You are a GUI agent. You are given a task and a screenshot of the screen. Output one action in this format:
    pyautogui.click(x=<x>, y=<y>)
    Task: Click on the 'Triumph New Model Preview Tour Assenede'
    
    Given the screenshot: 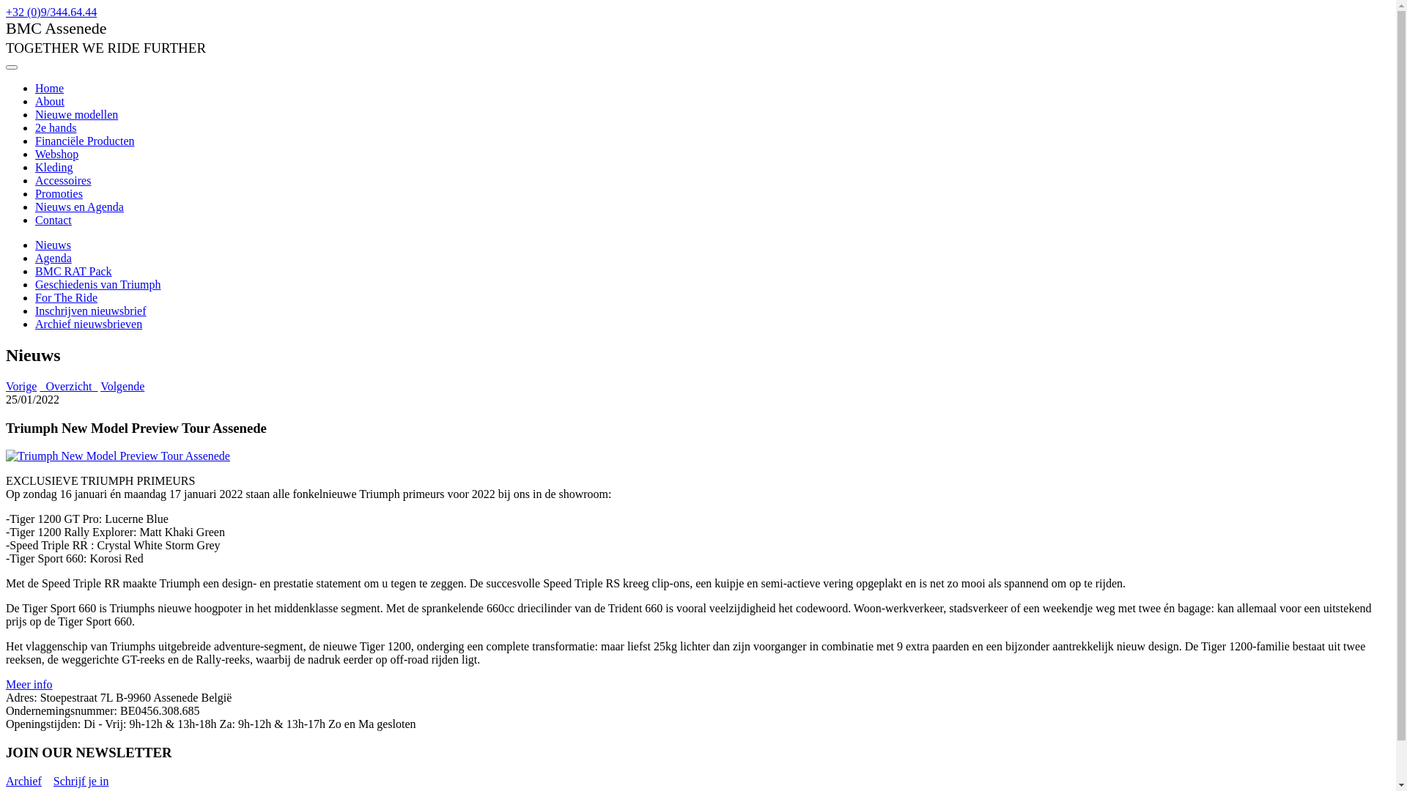 What is the action you would take?
    pyautogui.click(x=118, y=456)
    